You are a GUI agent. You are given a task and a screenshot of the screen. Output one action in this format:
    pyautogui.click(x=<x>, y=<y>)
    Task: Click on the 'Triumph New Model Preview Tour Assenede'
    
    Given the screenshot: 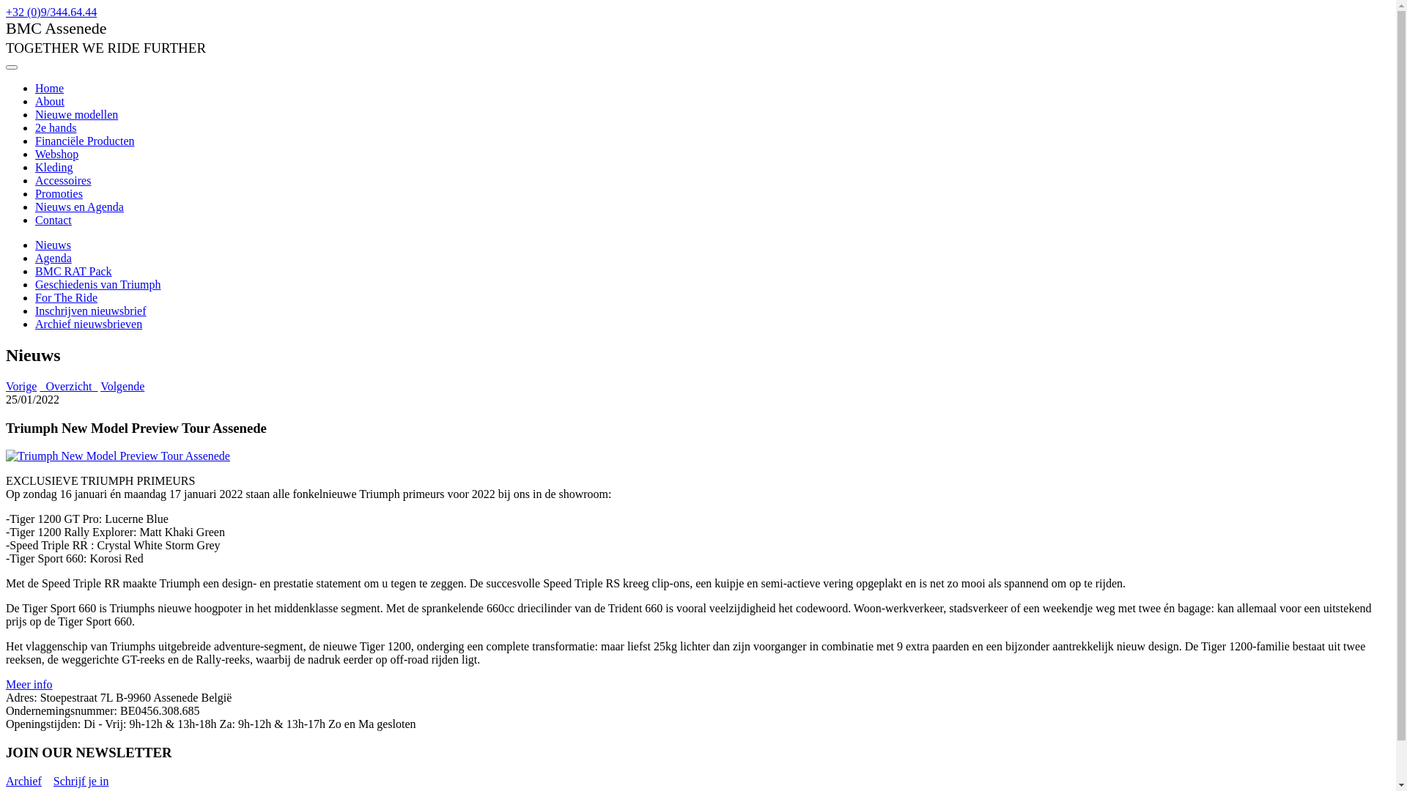 What is the action you would take?
    pyautogui.click(x=118, y=456)
    